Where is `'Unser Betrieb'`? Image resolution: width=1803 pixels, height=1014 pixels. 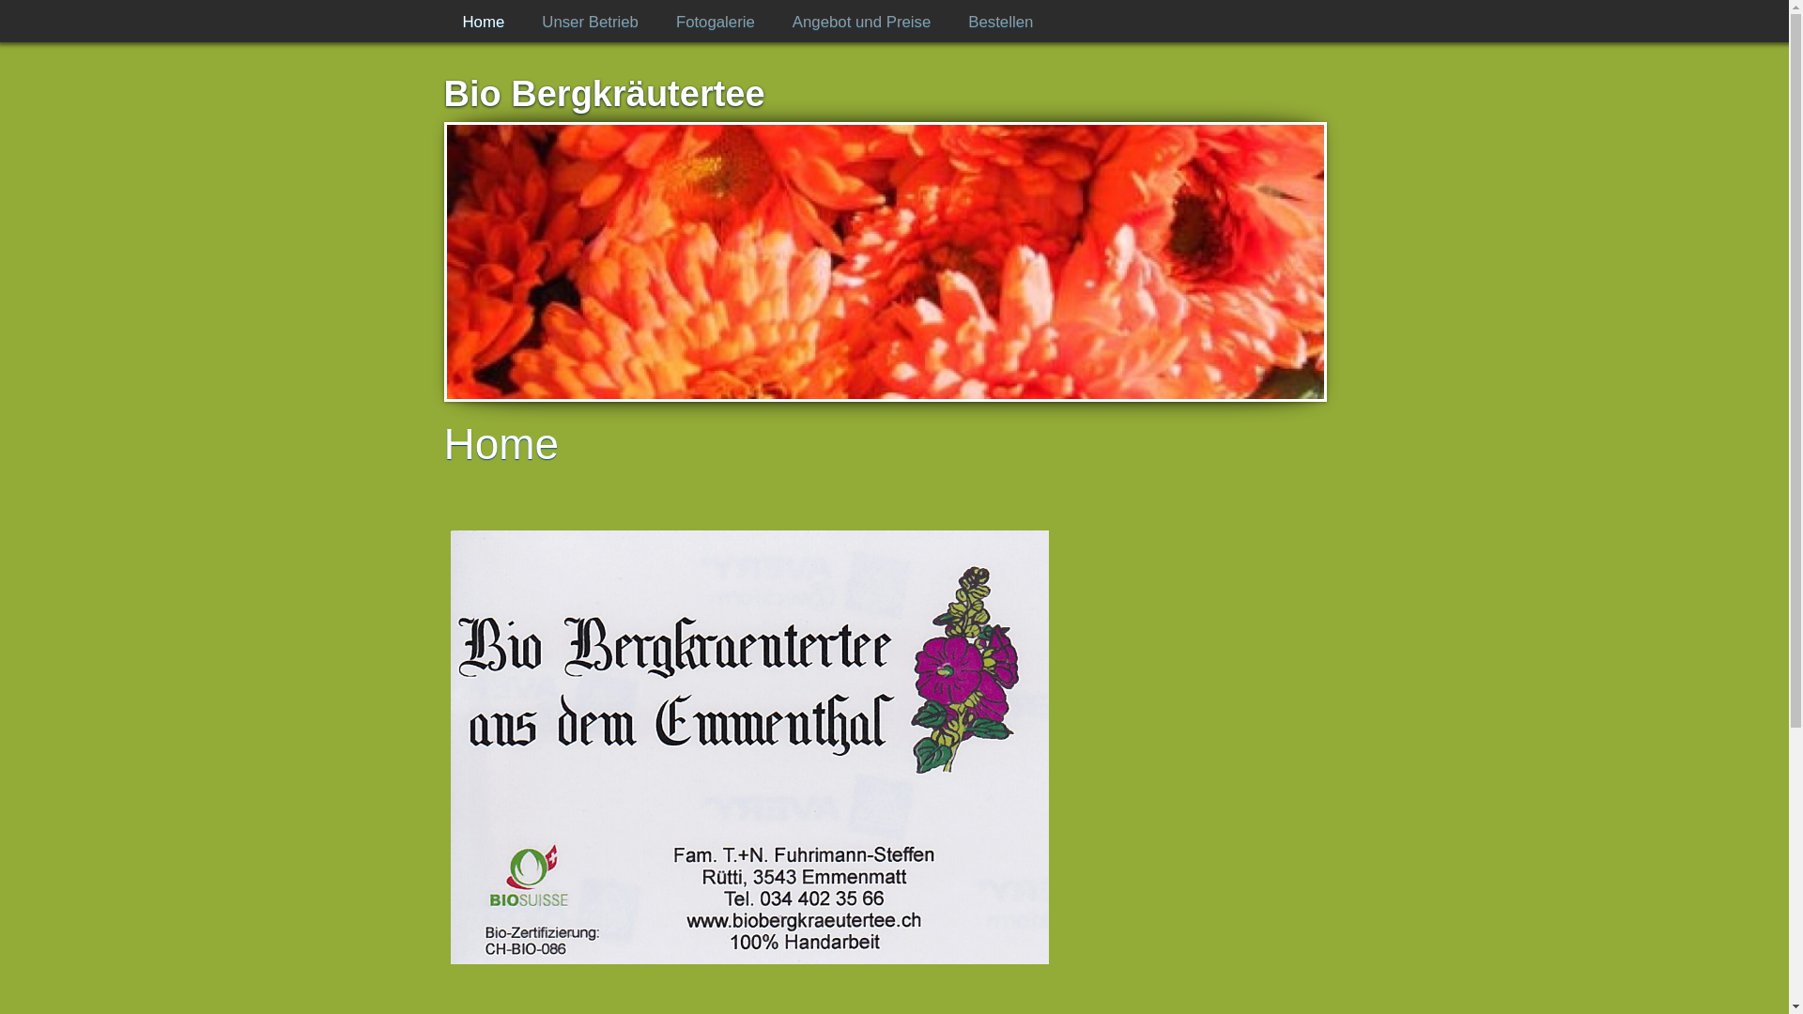
'Unser Betrieb' is located at coordinates (589, 22).